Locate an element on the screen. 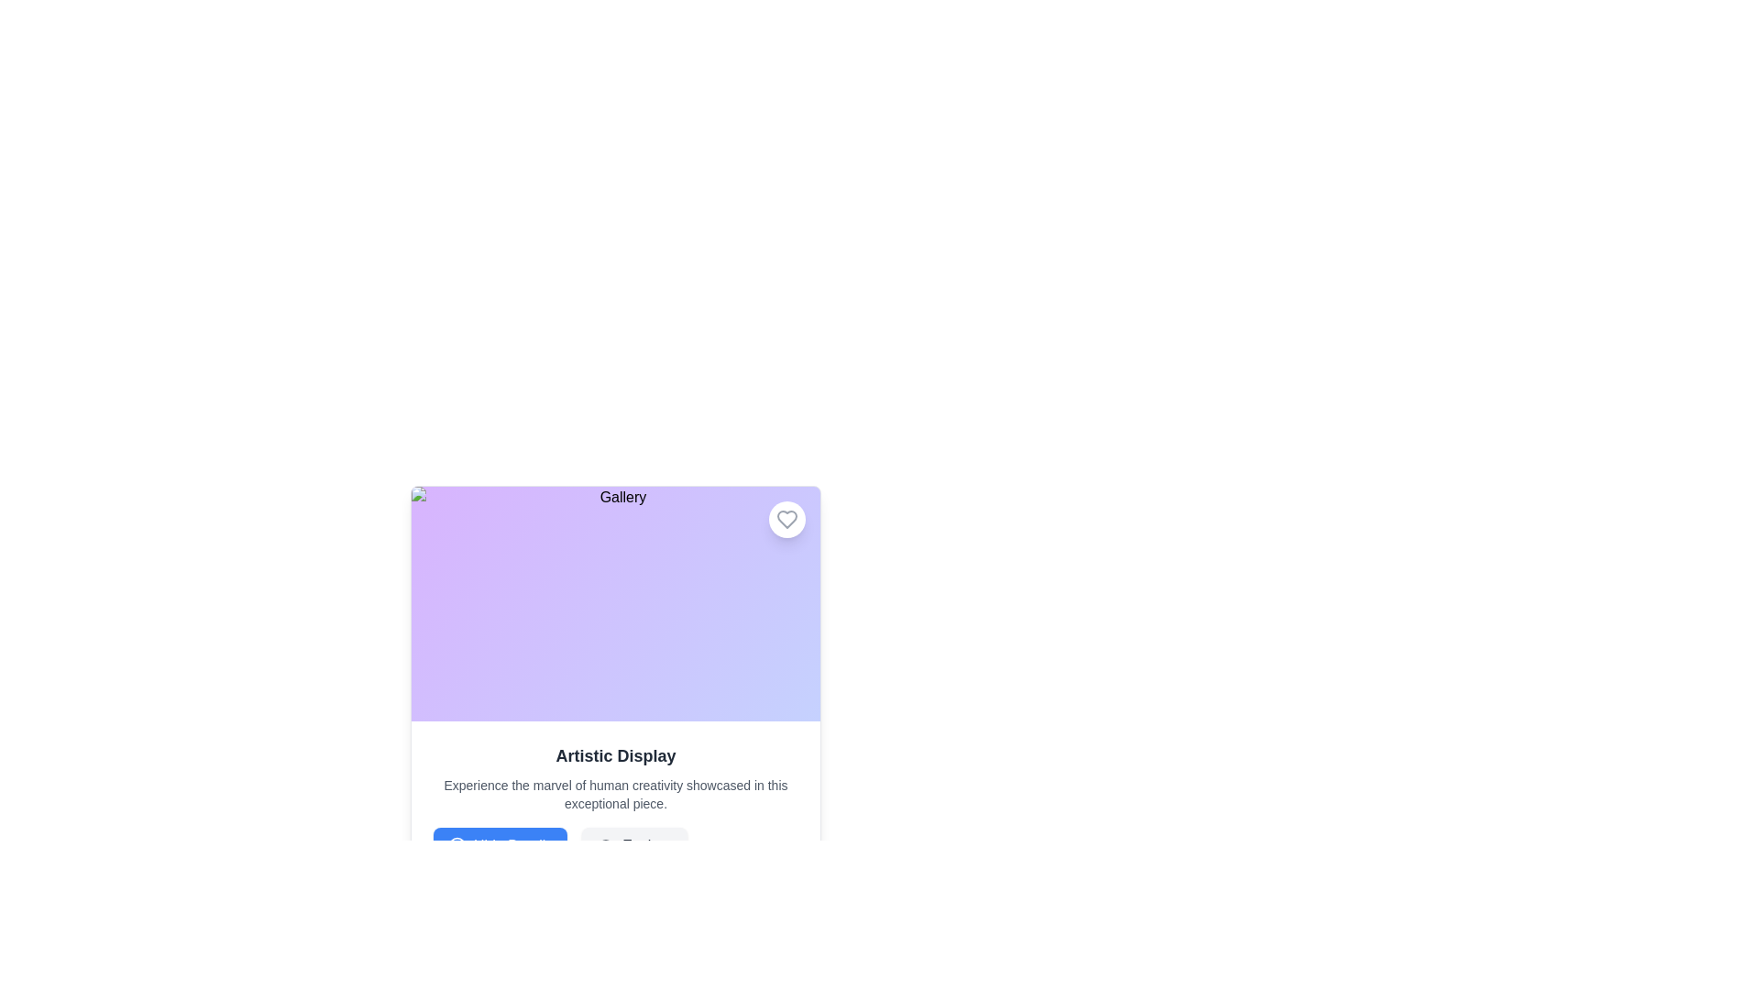  the static text displaying 'Experience the marvel of human creativity showcased in this exceptional piece', located below the title 'Artistic Display' in the card layout is located at coordinates (616, 794).